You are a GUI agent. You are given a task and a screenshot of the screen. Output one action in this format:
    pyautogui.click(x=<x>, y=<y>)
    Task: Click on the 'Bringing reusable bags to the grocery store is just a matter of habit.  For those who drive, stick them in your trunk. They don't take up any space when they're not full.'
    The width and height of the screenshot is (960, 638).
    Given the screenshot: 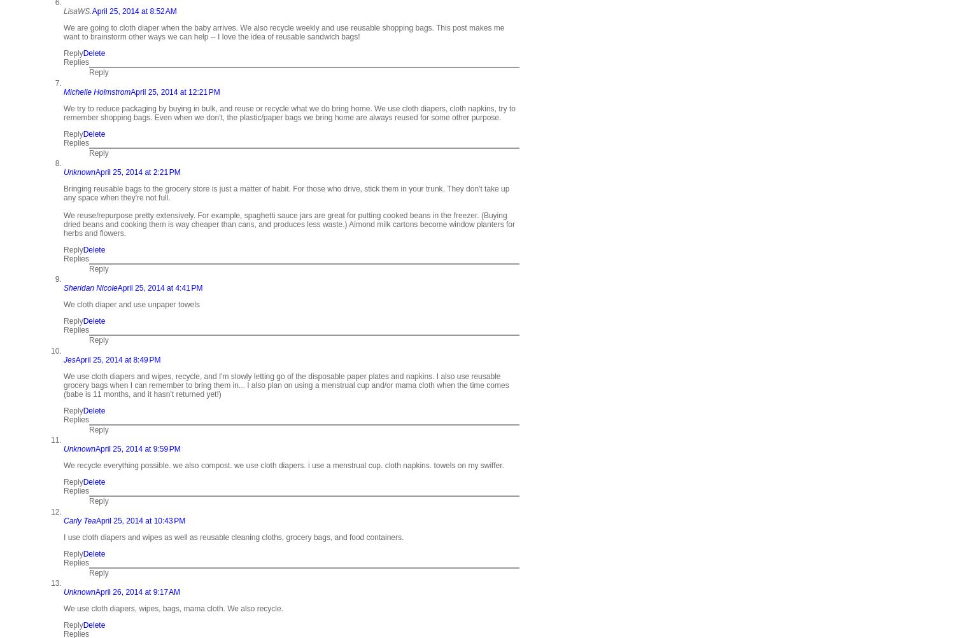 What is the action you would take?
    pyautogui.click(x=286, y=193)
    